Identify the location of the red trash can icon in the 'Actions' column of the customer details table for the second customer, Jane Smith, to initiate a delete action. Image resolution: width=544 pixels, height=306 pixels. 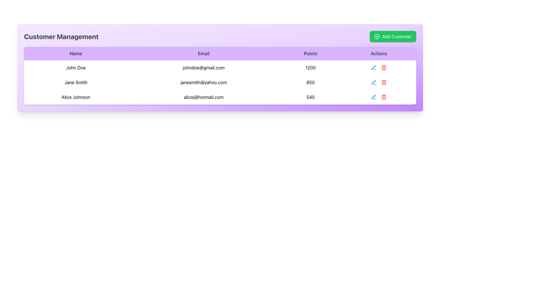
(384, 82).